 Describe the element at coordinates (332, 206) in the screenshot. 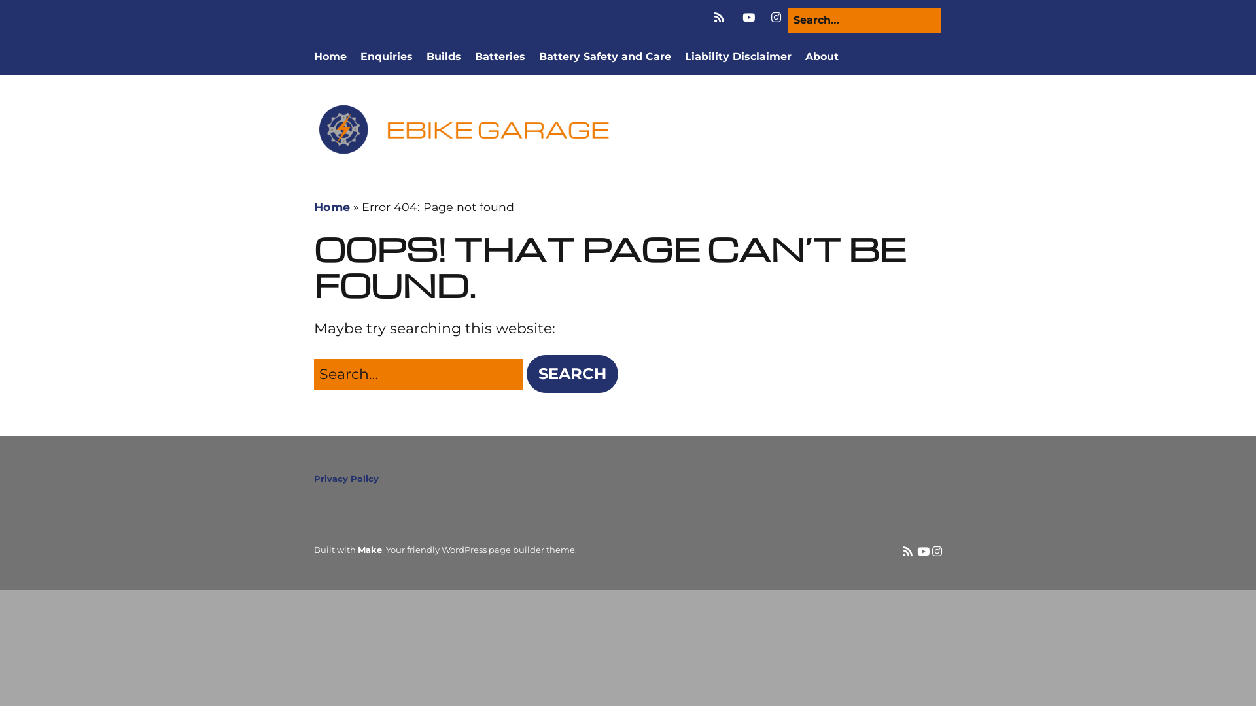

I see `'Home'` at that location.